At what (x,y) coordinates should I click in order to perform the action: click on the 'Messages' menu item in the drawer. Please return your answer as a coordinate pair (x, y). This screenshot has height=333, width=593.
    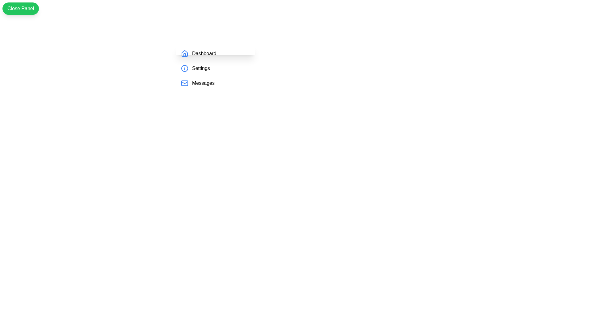
    Looking at the image, I should click on (215, 83).